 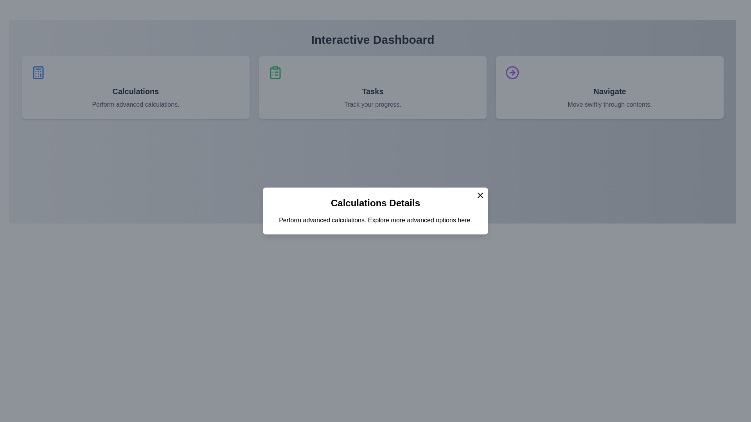 I want to click on the static text element displaying the phrase 'Track your progress.' which is positioned below the 'Tasks' title within the 'Tasks' card, so click(x=372, y=104).